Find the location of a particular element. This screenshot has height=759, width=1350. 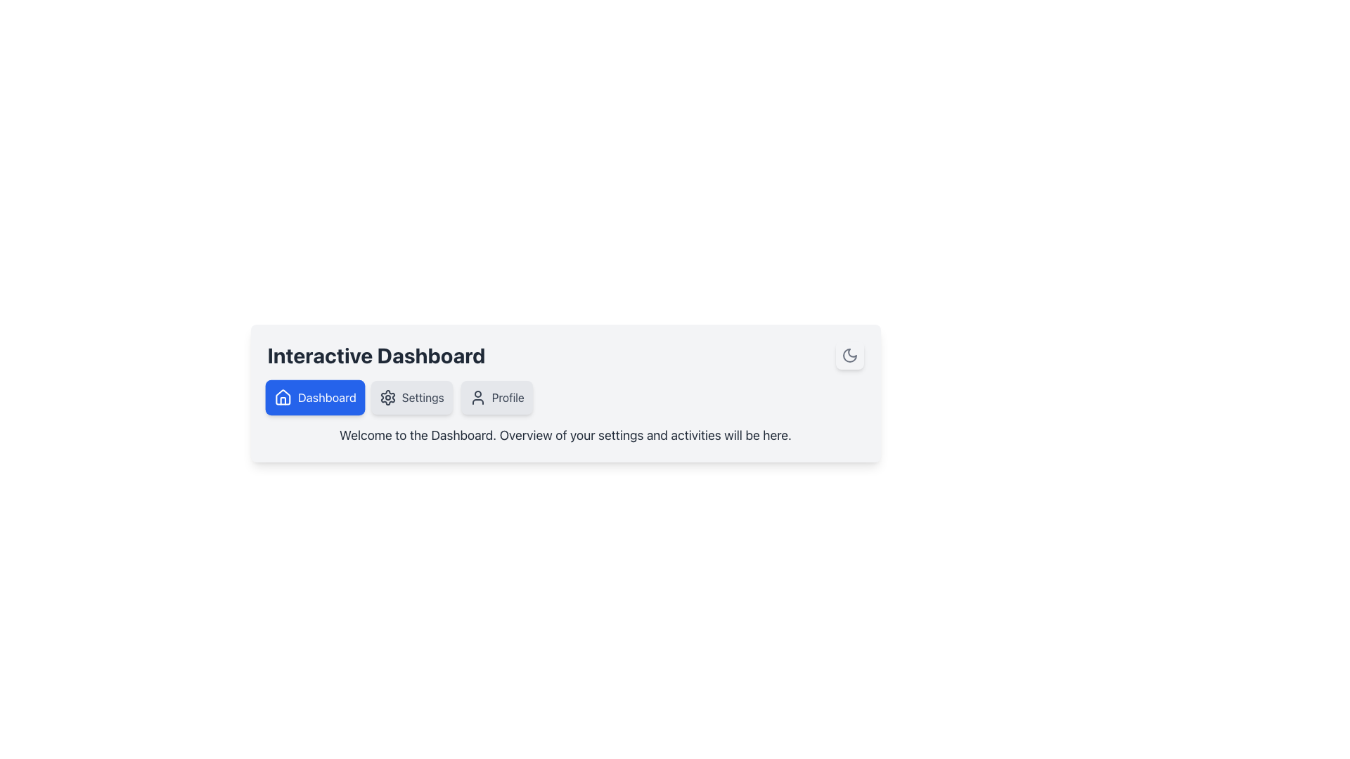

the house icon within the rounded blue button labeled 'Dashboard' is located at coordinates (282, 398).